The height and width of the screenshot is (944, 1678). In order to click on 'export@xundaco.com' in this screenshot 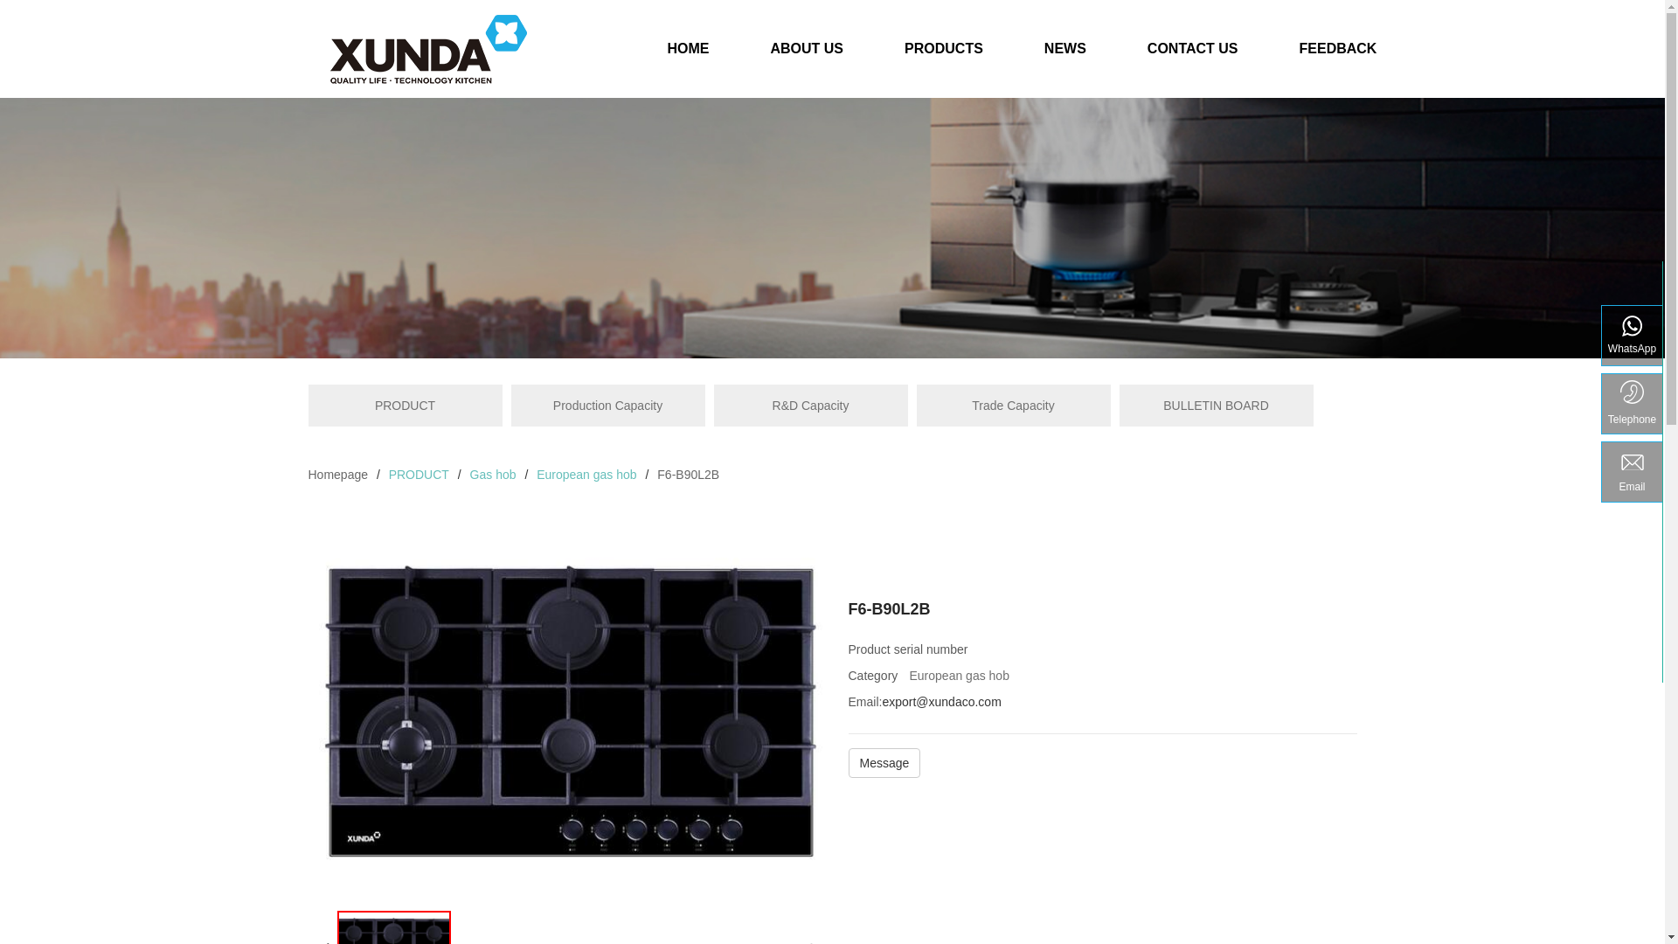, I will do `click(940, 700)`.